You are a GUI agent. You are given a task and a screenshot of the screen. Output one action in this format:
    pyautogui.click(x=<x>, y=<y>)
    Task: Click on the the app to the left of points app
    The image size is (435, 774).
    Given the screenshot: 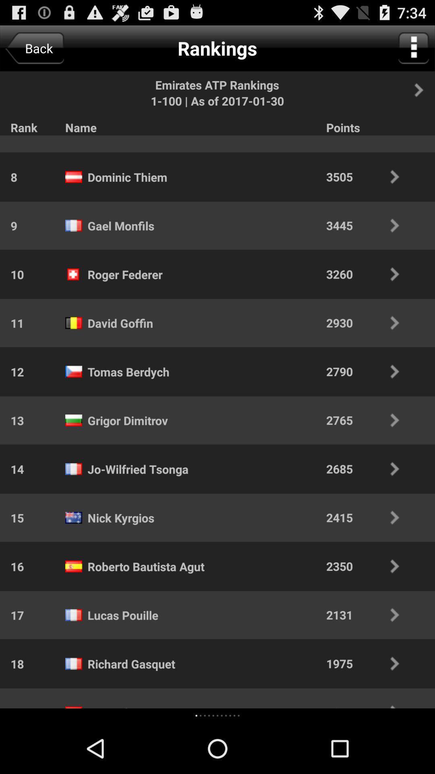 What is the action you would take?
    pyautogui.click(x=116, y=136)
    